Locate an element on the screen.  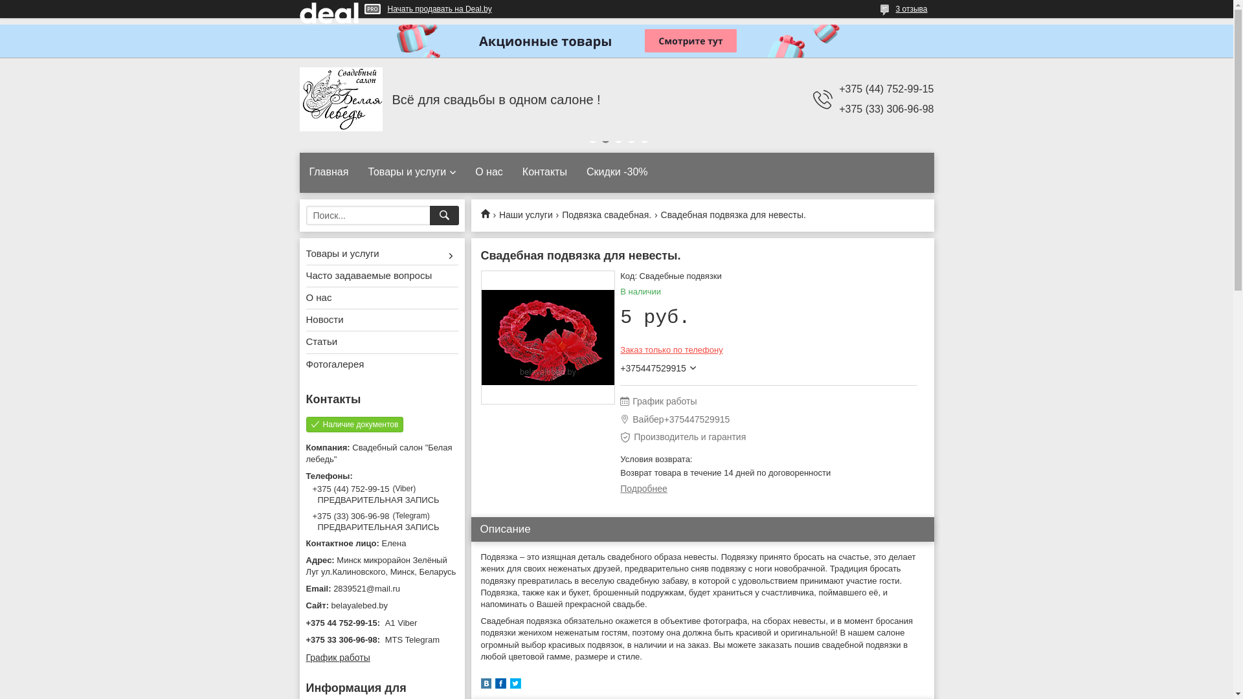
'belayalebed.by' is located at coordinates (381, 606).